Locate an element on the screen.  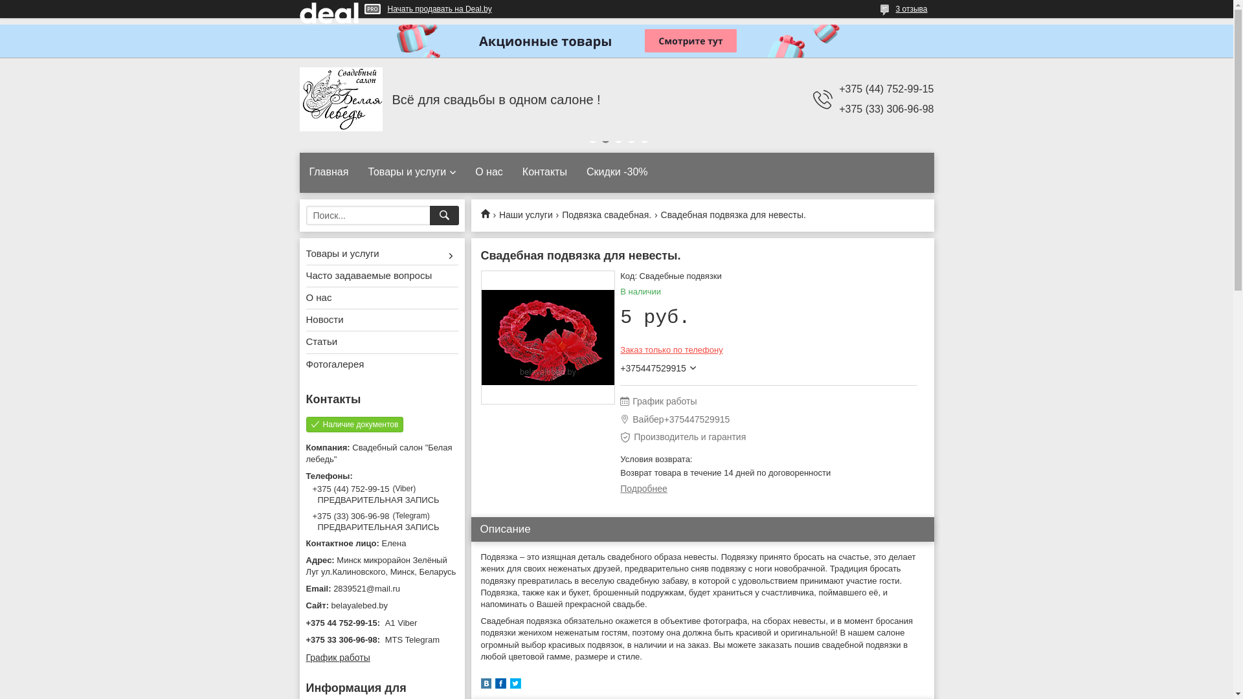
'belayalebed.by' is located at coordinates (381, 606).